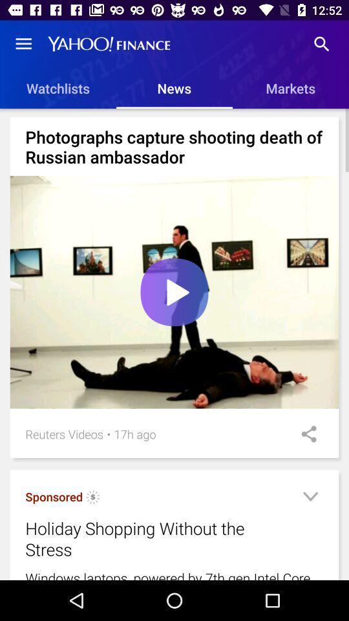 This screenshot has height=621, width=349. Describe the element at coordinates (310, 498) in the screenshot. I see `more option` at that location.